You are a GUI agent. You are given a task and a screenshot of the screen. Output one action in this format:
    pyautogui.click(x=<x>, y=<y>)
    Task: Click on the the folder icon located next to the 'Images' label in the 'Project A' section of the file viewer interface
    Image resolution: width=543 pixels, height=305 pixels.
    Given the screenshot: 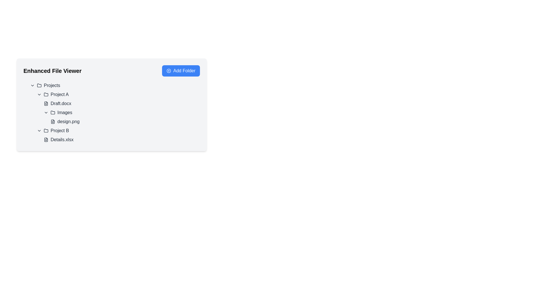 What is the action you would take?
    pyautogui.click(x=53, y=112)
    